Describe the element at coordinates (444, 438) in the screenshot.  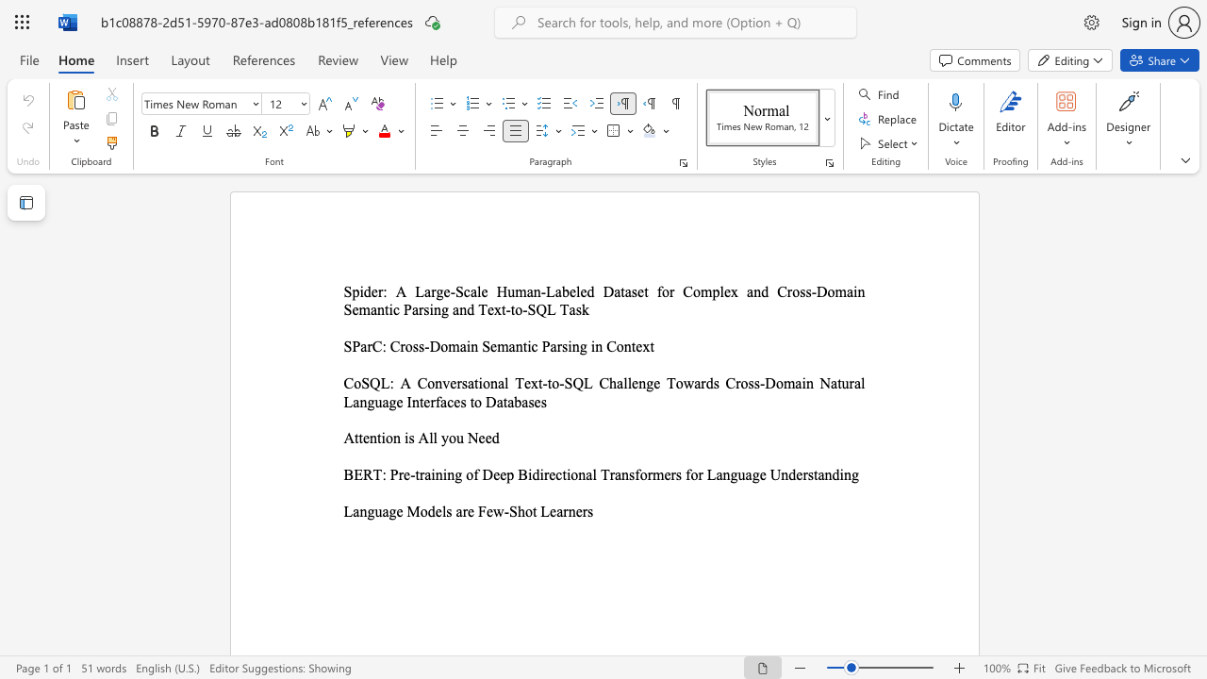
I see `the 1th character "y" in the text` at that location.